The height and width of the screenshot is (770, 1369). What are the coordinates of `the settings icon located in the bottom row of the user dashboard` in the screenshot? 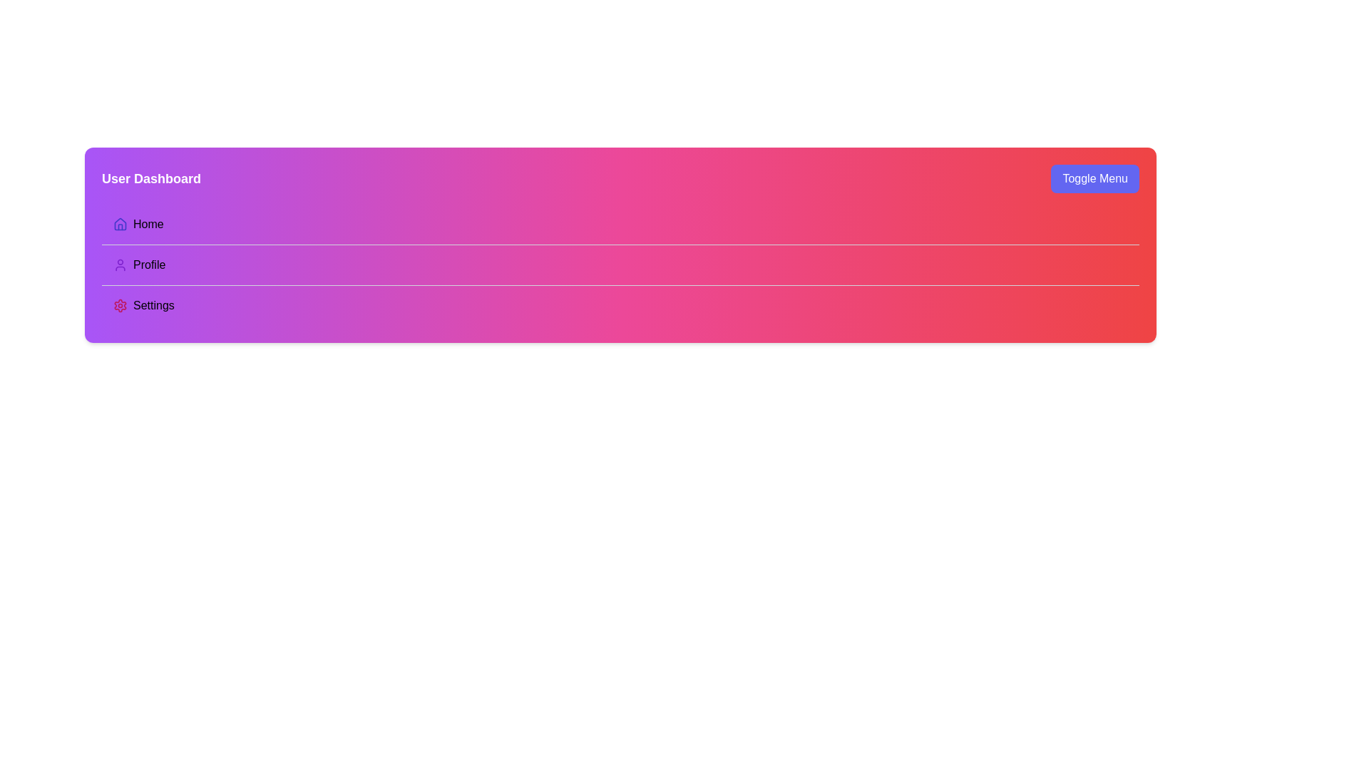 It's located at (120, 304).